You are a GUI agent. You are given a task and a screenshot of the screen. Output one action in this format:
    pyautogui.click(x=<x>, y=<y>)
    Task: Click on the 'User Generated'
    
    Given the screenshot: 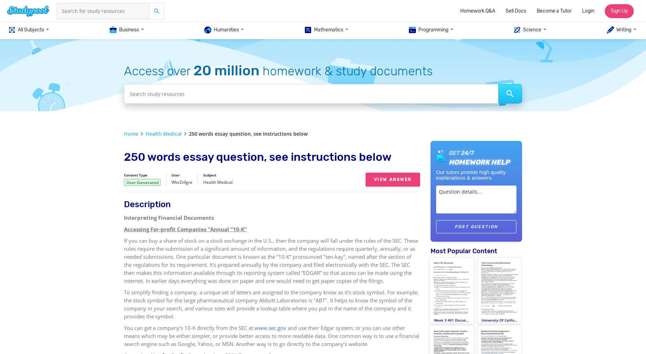 What is the action you would take?
    pyautogui.click(x=142, y=182)
    